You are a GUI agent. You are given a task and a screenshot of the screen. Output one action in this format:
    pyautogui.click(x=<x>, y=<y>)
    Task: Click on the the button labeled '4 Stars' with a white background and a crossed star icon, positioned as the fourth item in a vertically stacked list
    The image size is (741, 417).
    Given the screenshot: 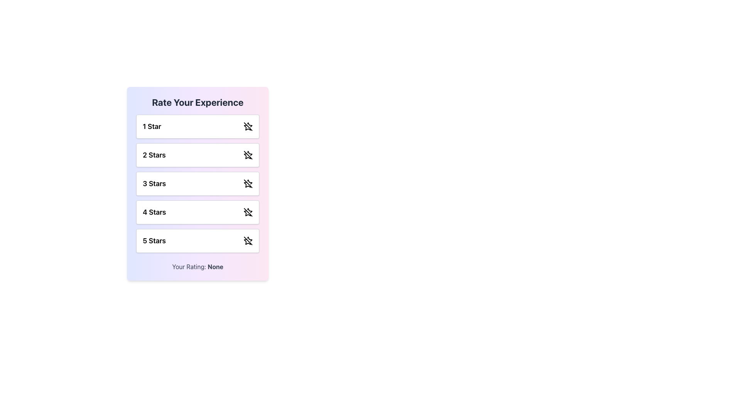 What is the action you would take?
    pyautogui.click(x=198, y=212)
    